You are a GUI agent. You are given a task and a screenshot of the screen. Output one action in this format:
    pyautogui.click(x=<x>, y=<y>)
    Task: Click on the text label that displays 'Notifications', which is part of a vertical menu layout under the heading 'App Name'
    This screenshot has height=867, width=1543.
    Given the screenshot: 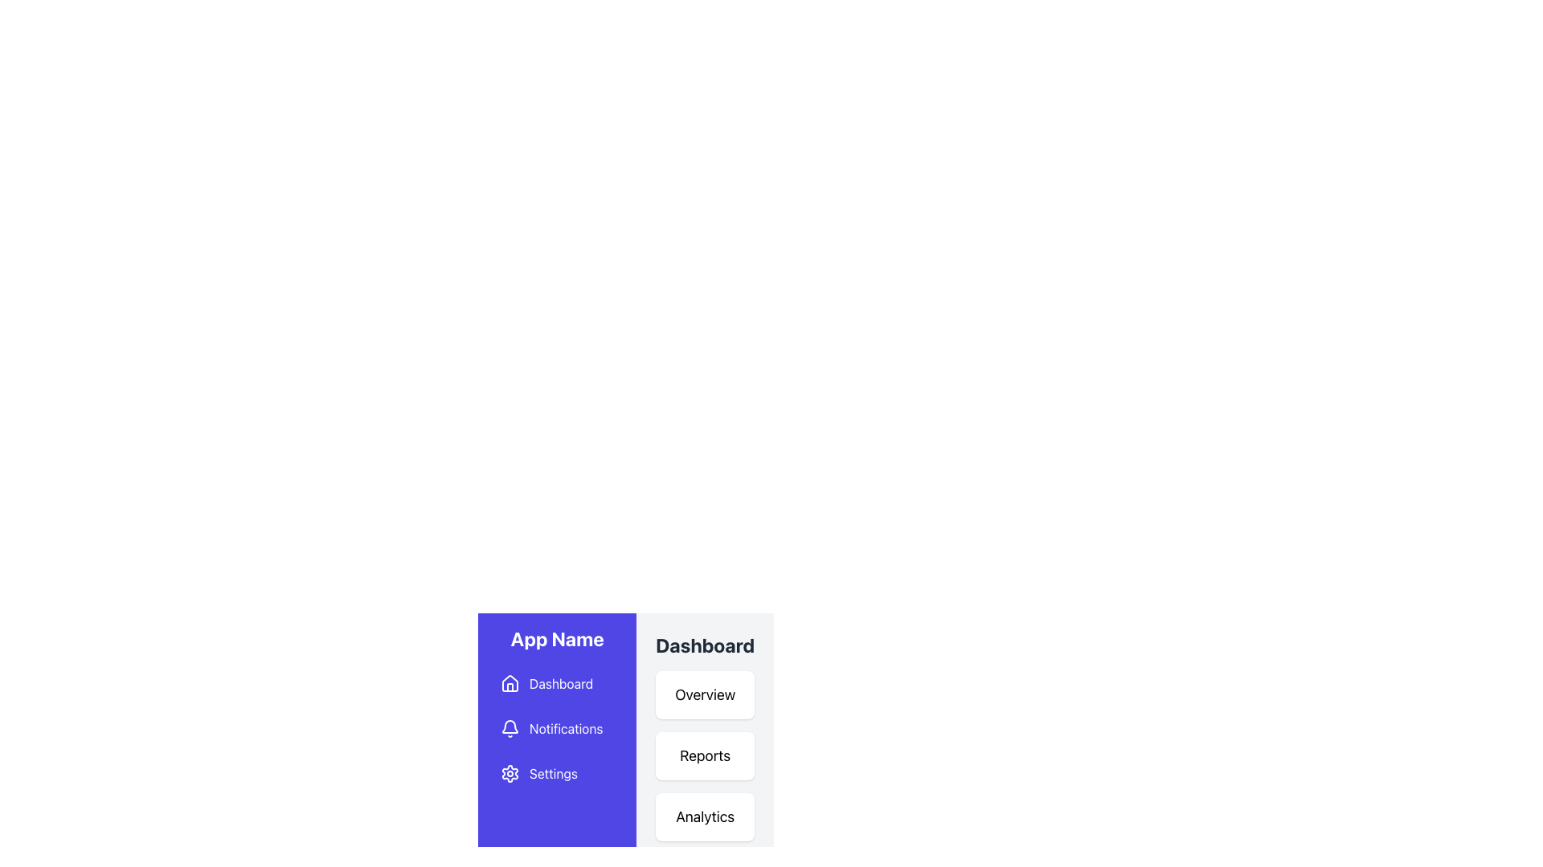 What is the action you would take?
    pyautogui.click(x=566, y=728)
    